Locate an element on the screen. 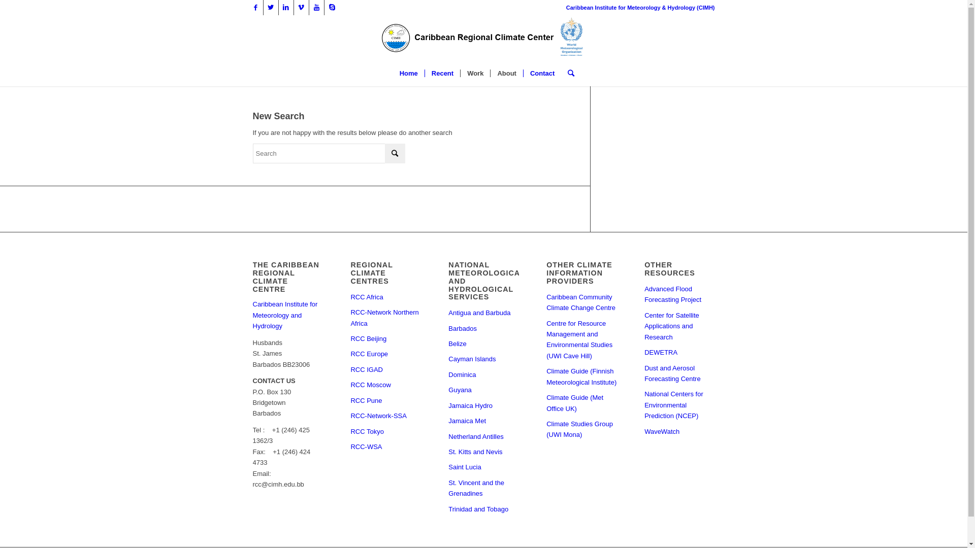 This screenshot has height=548, width=975. 'RCC-Network-SSA' is located at coordinates (384, 416).